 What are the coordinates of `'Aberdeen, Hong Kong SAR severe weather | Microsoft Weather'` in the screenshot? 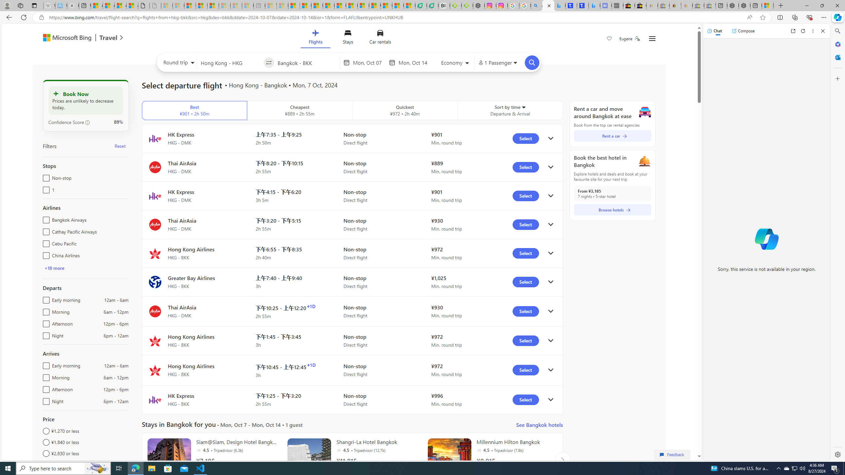 It's located at (132, 5).